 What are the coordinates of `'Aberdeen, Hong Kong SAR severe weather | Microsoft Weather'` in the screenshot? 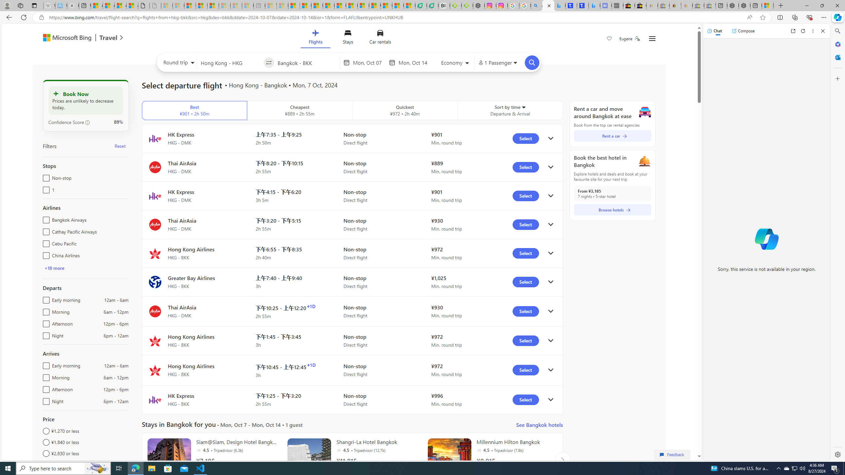 It's located at (132, 5).